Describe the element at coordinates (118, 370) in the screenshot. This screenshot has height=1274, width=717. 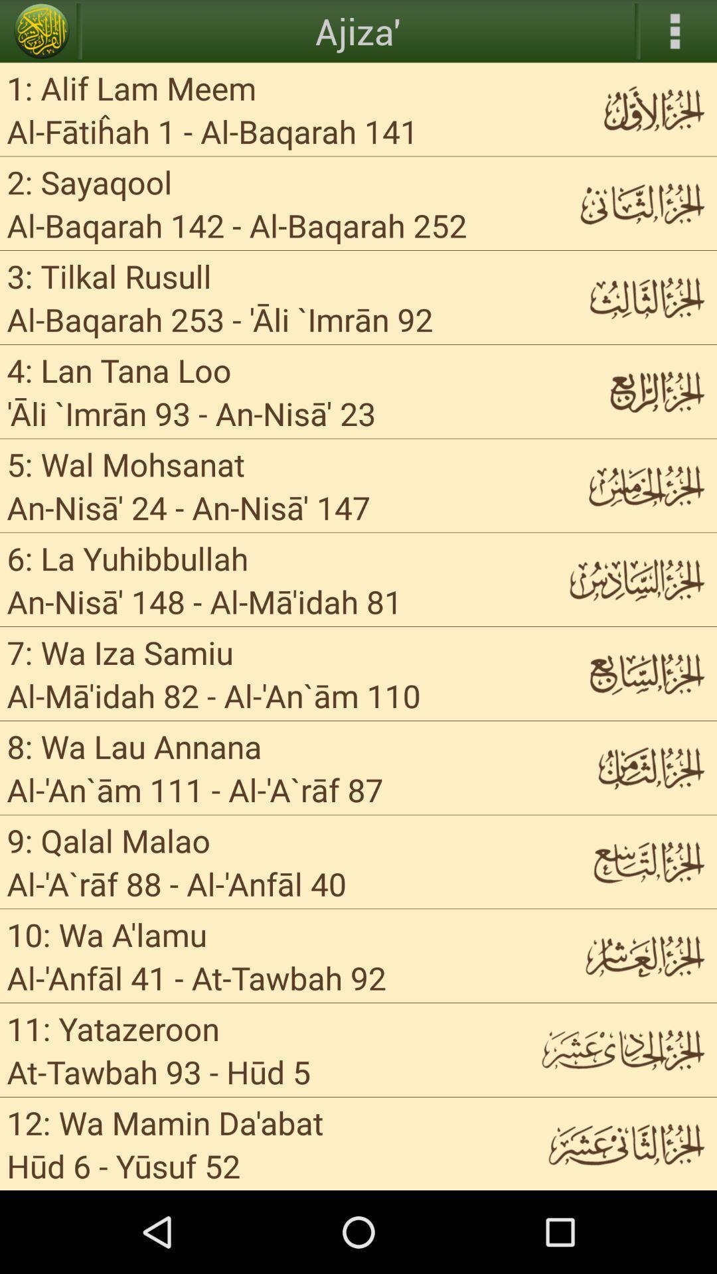
I see `the icon below al baqarah 253 app` at that location.